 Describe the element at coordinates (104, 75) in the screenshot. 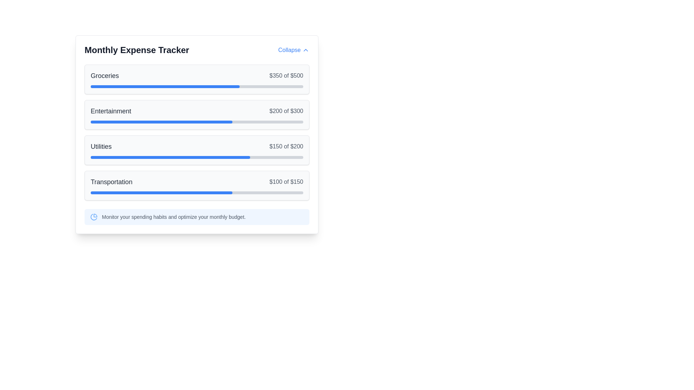

I see `text content of the bold 'Groceries' label located at the top left of the section titled 'Groceries $350 of $500'` at that location.